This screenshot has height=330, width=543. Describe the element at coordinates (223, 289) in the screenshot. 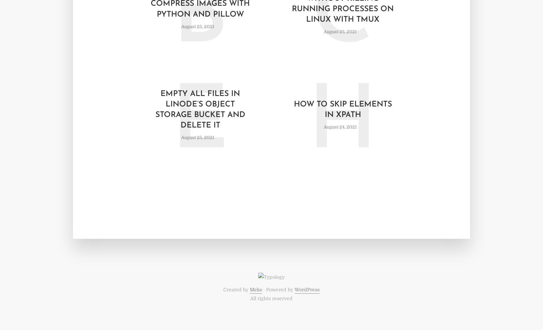

I see `'Created by'` at that location.